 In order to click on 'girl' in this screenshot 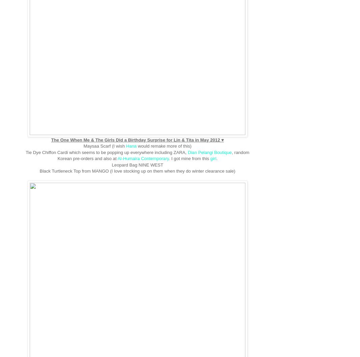, I will do `click(213, 158)`.